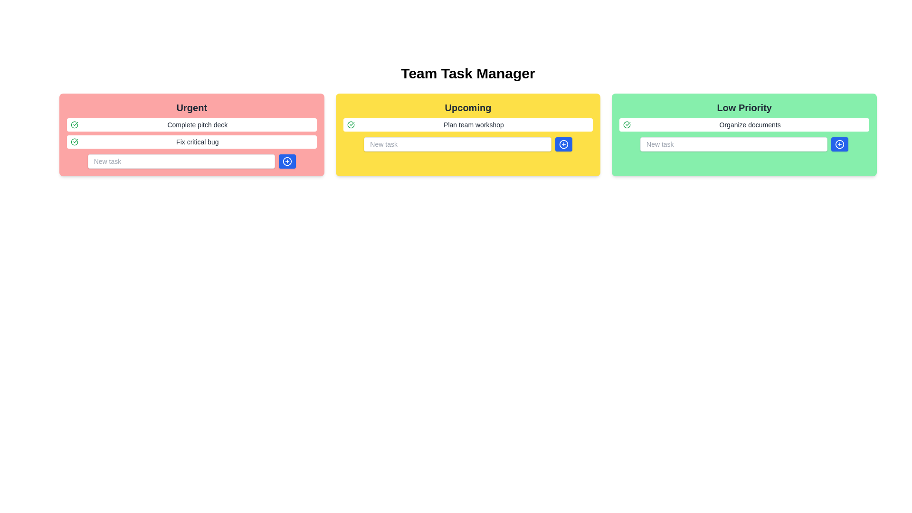  Describe the element at coordinates (286, 161) in the screenshot. I see `the plus sign circular icon located within the blue button next to the text input in the red 'Urgent' task section` at that location.